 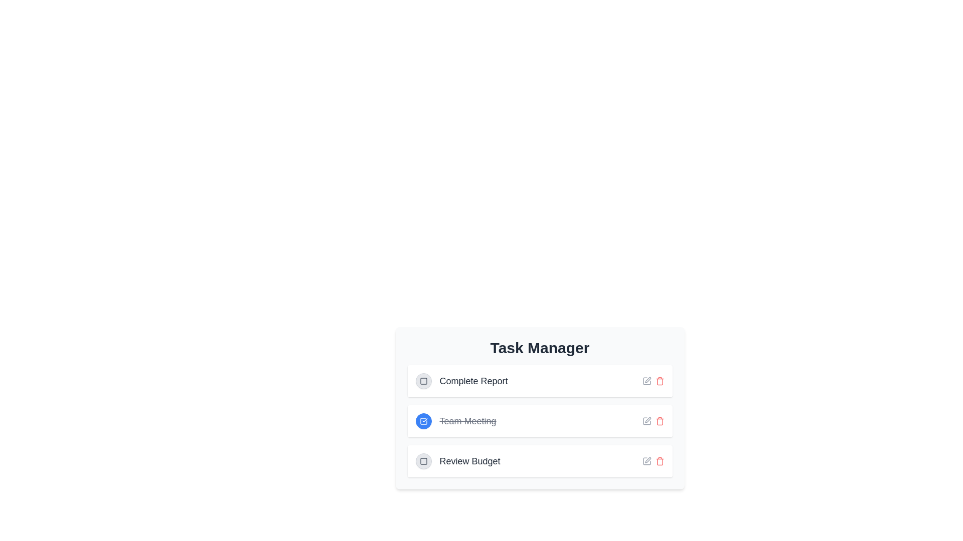 I want to click on the delete button for the task 'Team Meeting', so click(x=660, y=421).